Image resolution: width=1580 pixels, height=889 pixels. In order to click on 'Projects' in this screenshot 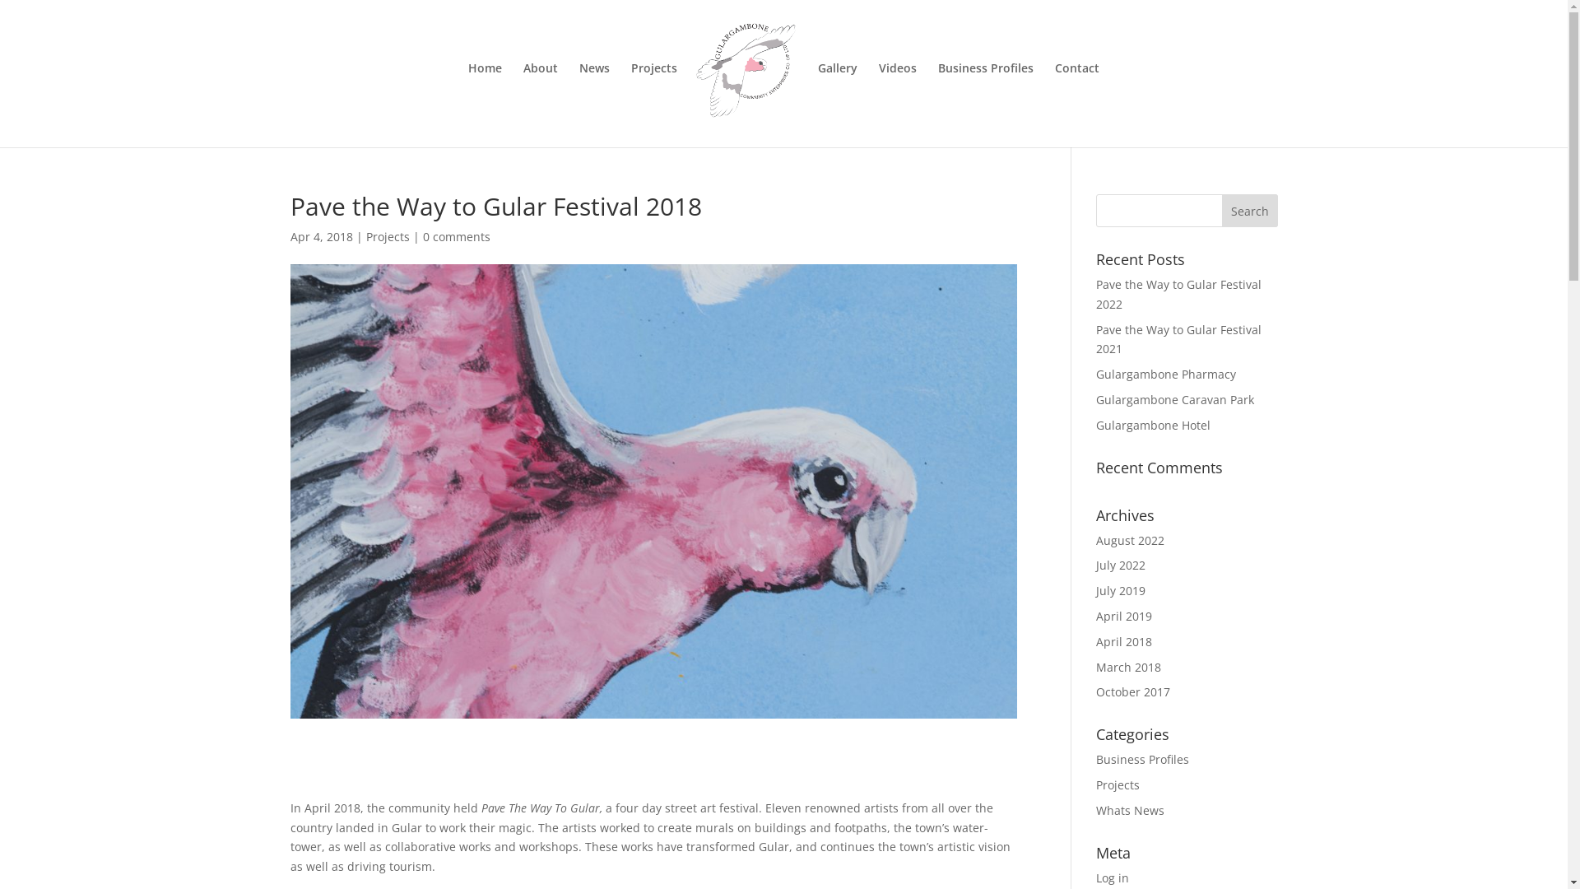, I will do `click(1095, 784)`.